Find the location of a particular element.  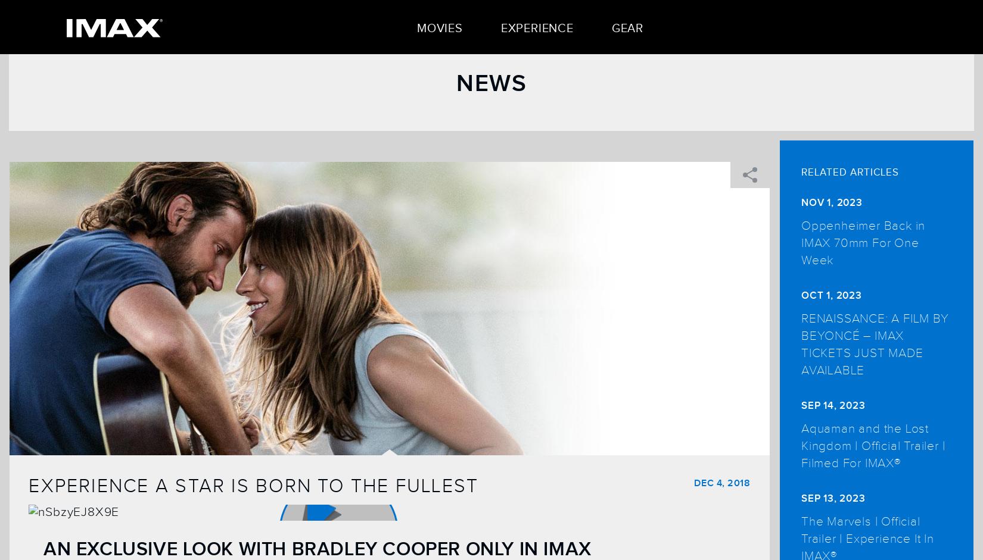

'Dec 4, 2018' is located at coordinates (721, 483).